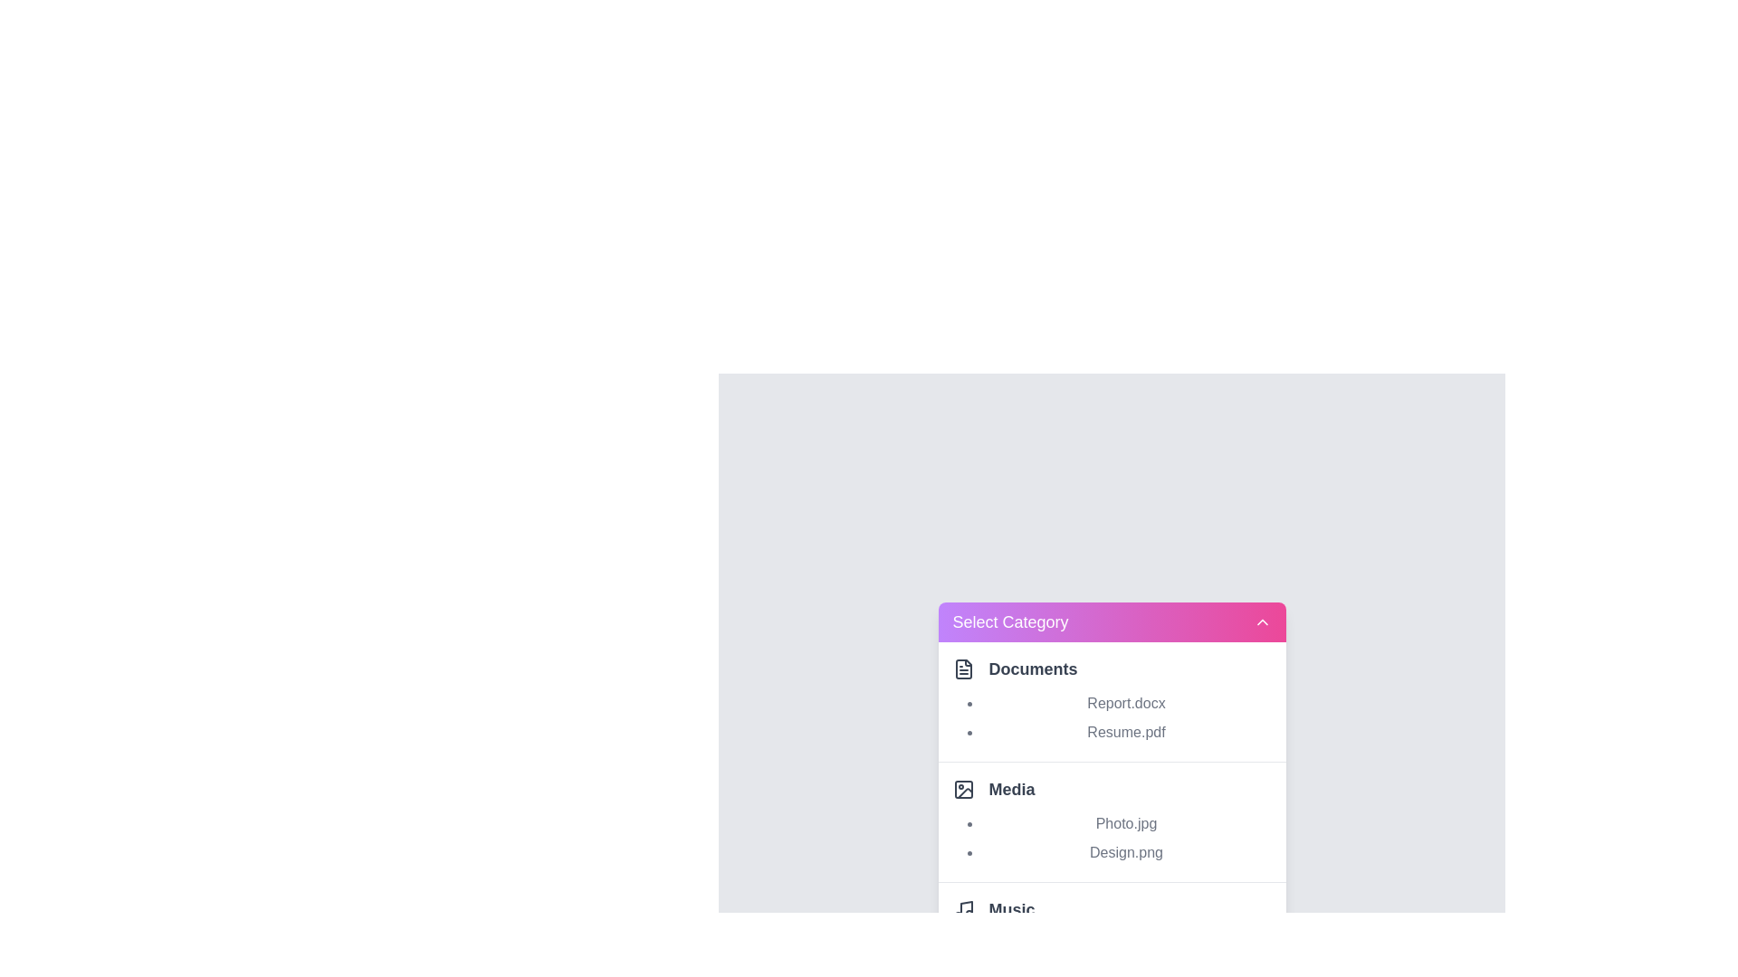 Image resolution: width=1738 pixels, height=977 pixels. Describe the element at coordinates (1011, 788) in the screenshot. I see `the 'Media' text label, which is styled in bold and large sans-serif font` at that location.